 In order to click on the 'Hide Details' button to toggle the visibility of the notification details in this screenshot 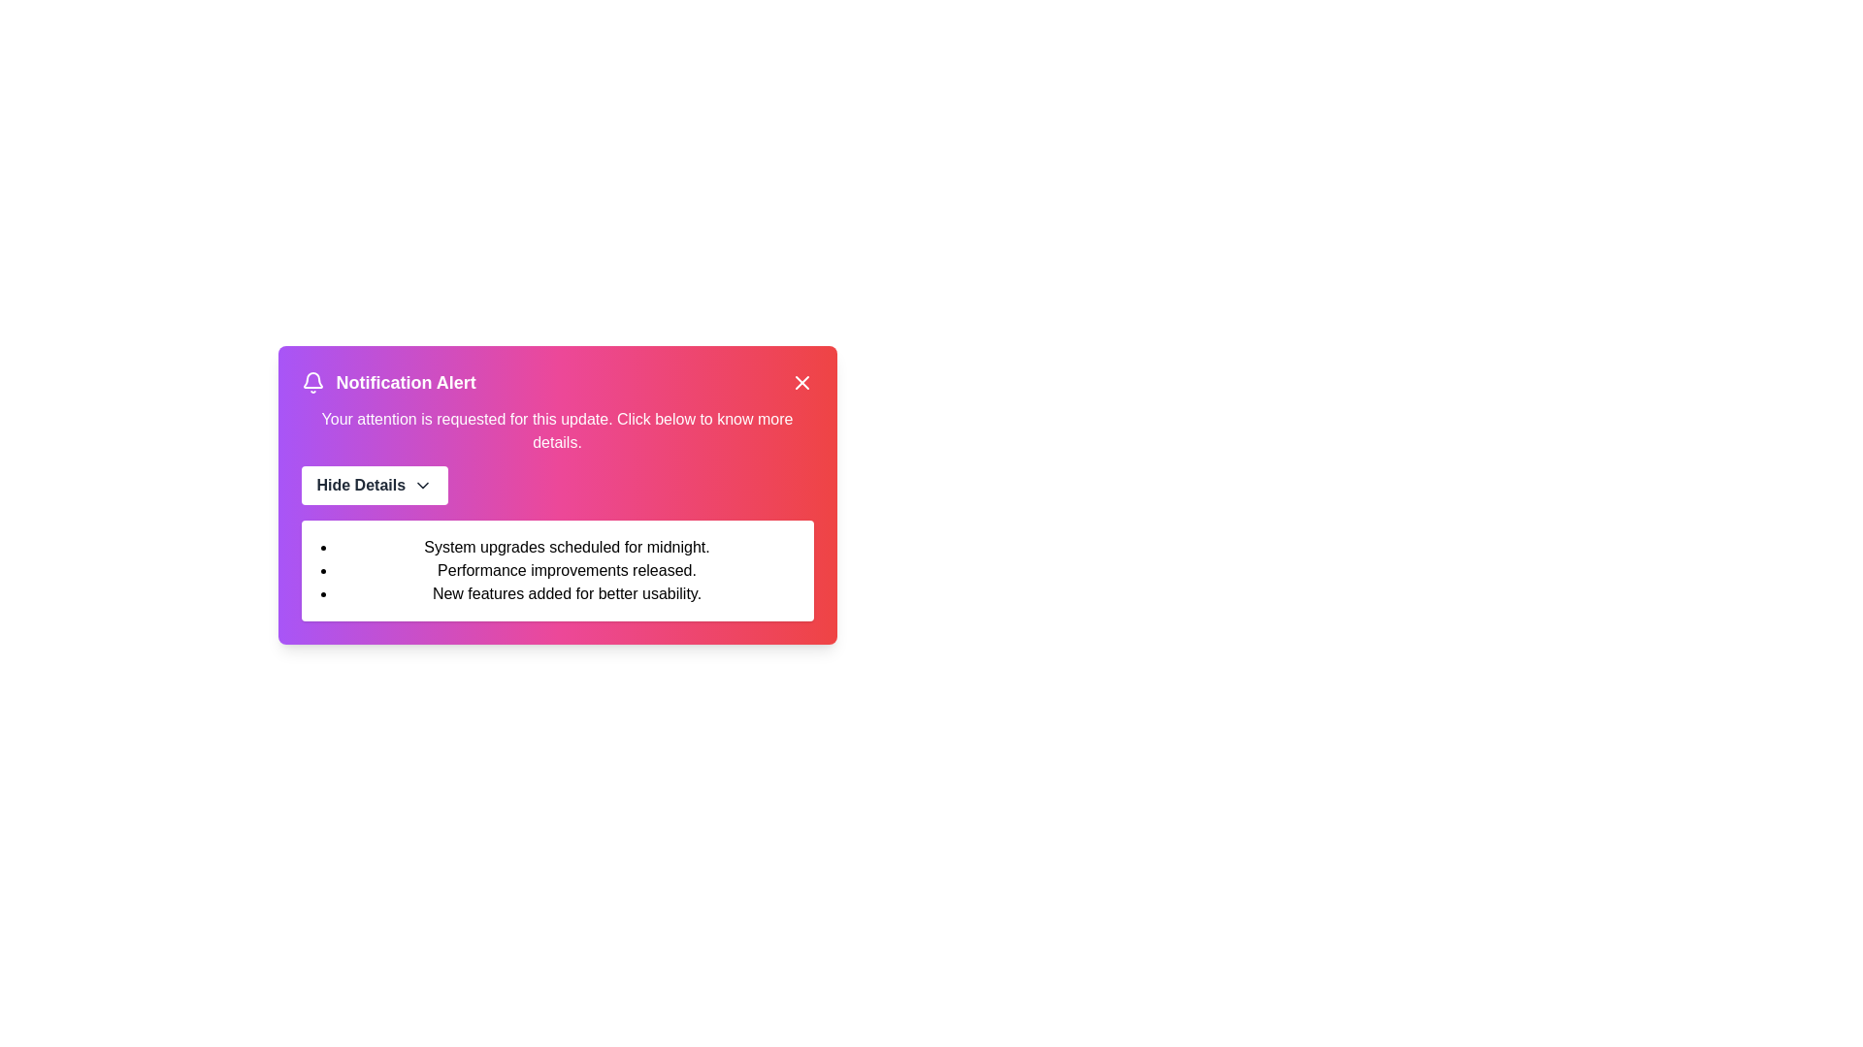, I will do `click(374, 485)`.